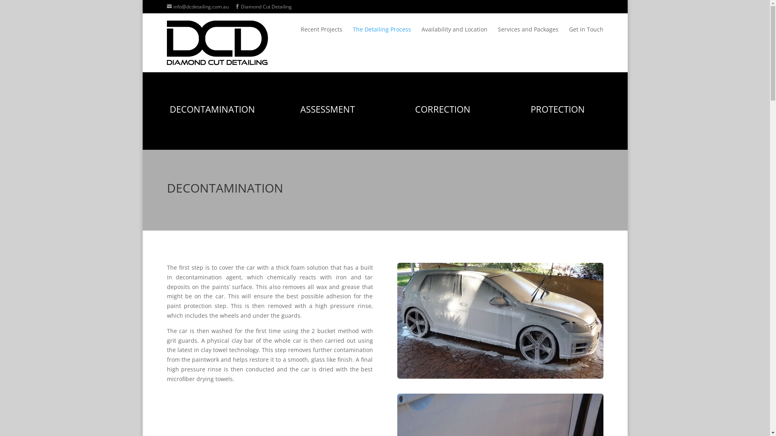 The height and width of the screenshot is (436, 776). I want to click on 'PROTECTION', so click(531, 109).